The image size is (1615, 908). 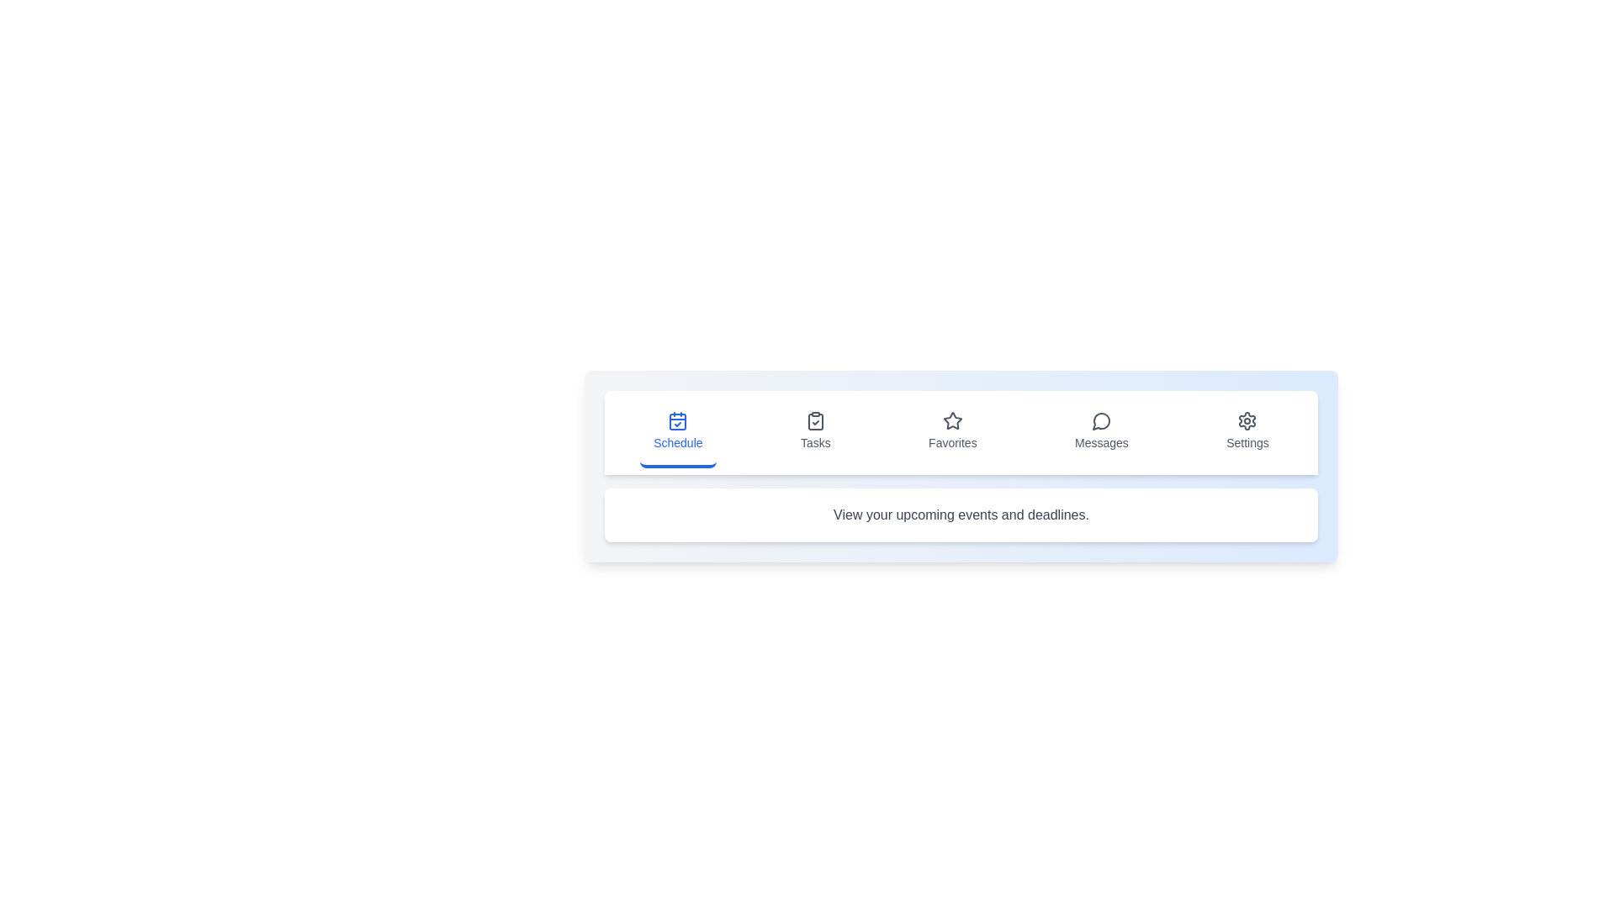 What do you see at coordinates (678, 432) in the screenshot?
I see `the icon corresponding to Schedule` at bounding box center [678, 432].